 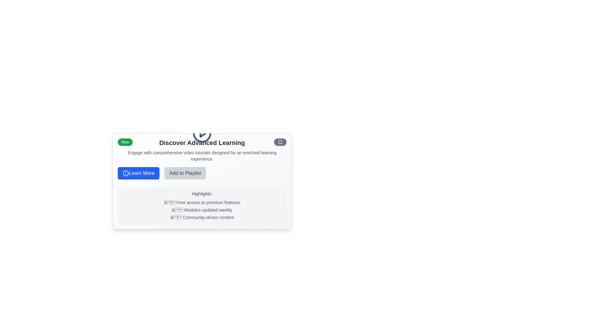 I want to click on the circular play button icon that is centered above the 'Discover Advanced Learning' section to trigger the hover effect, so click(x=202, y=133).